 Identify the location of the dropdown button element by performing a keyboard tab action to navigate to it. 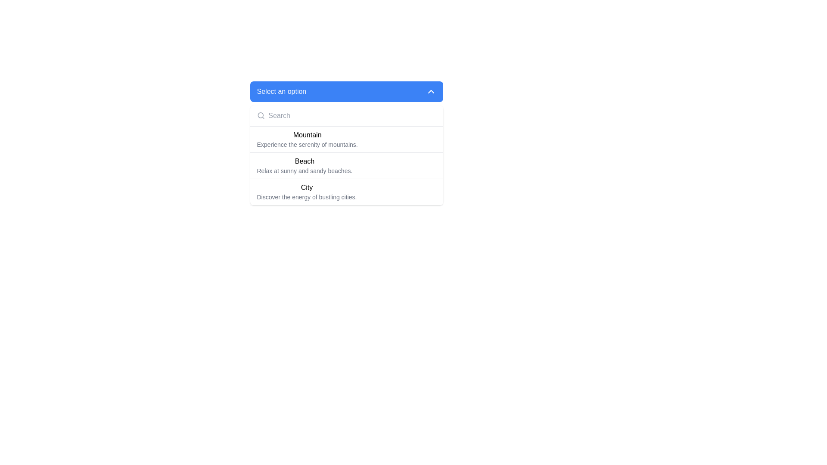
(346, 91).